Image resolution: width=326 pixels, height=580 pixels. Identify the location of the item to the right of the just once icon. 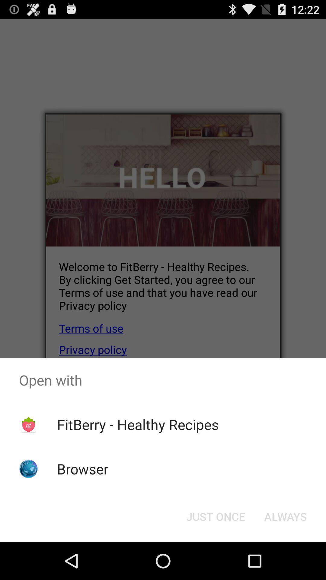
(285, 516).